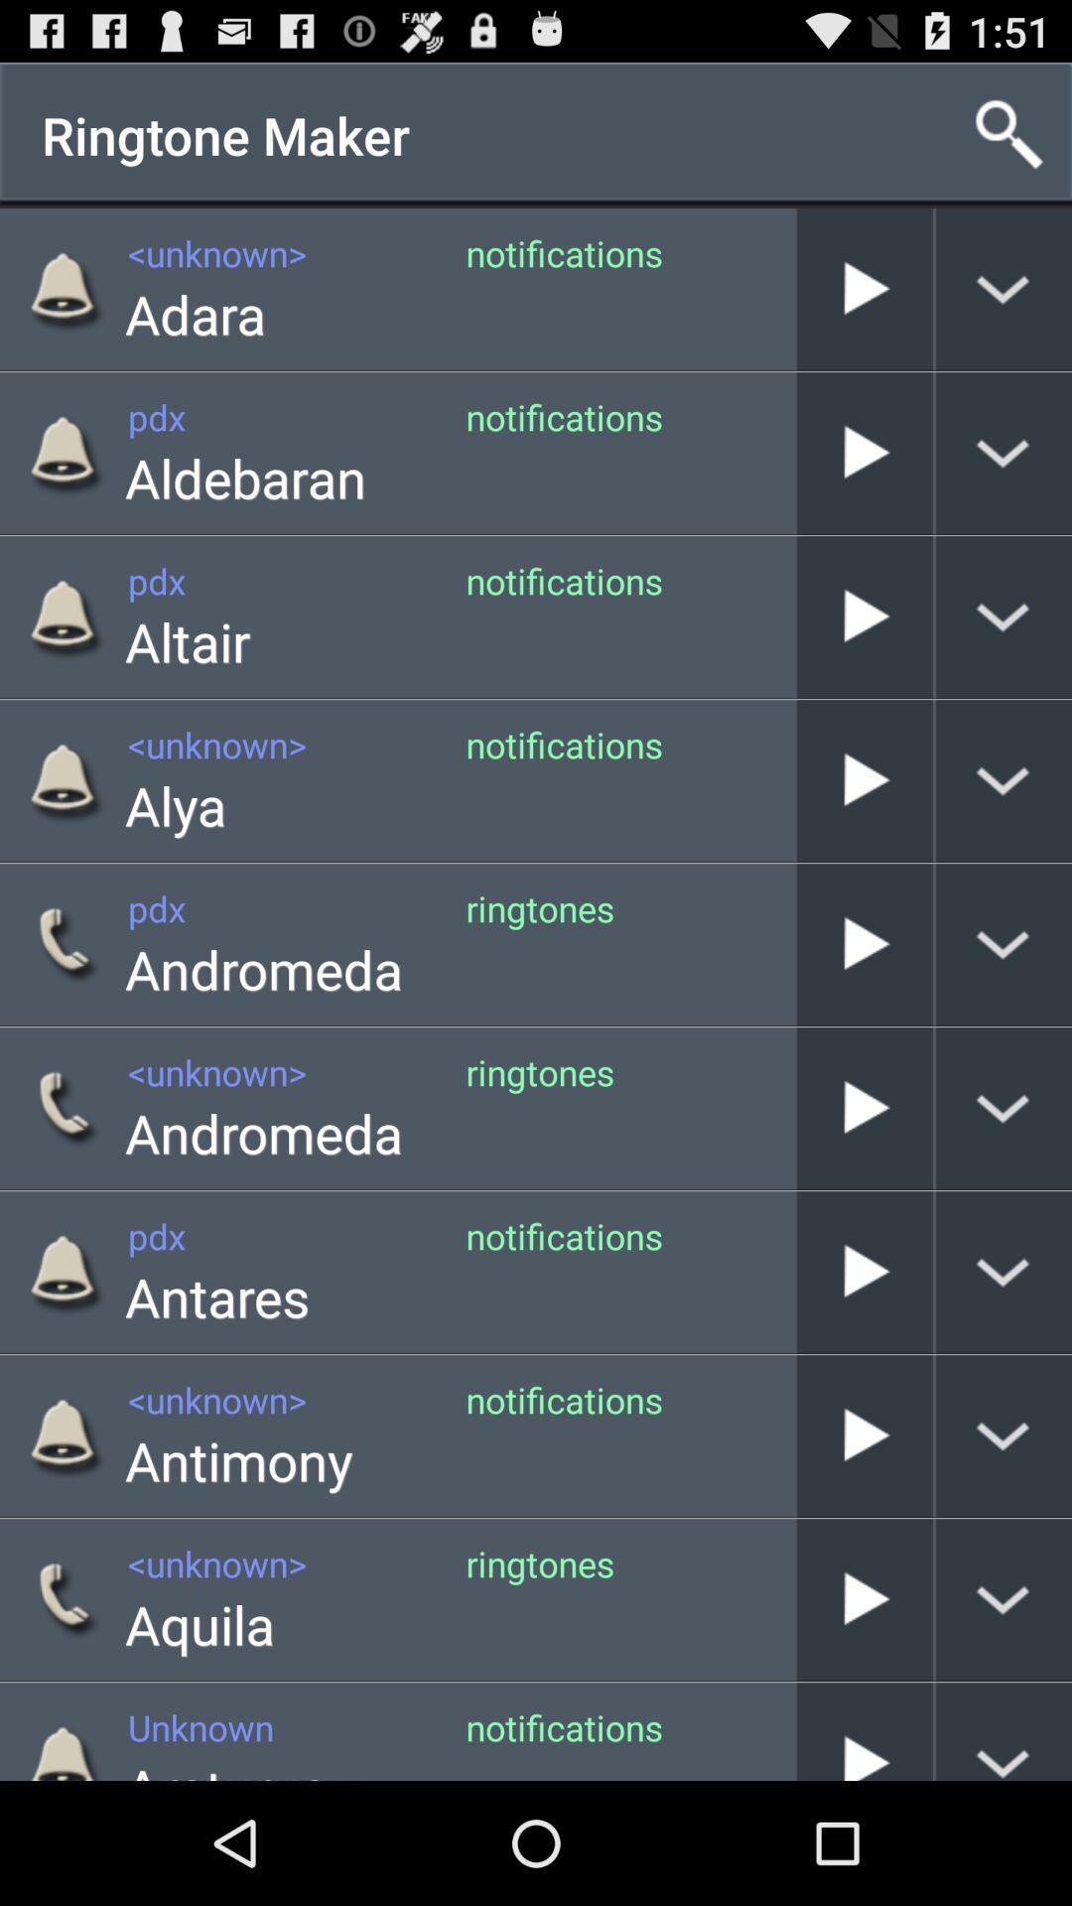 This screenshot has height=1906, width=1072. I want to click on show more information, so click(1004, 1730).